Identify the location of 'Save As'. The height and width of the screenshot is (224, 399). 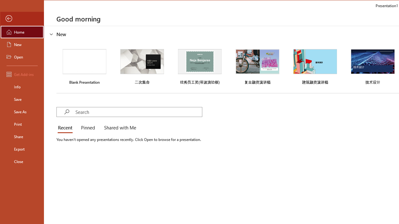
(22, 111).